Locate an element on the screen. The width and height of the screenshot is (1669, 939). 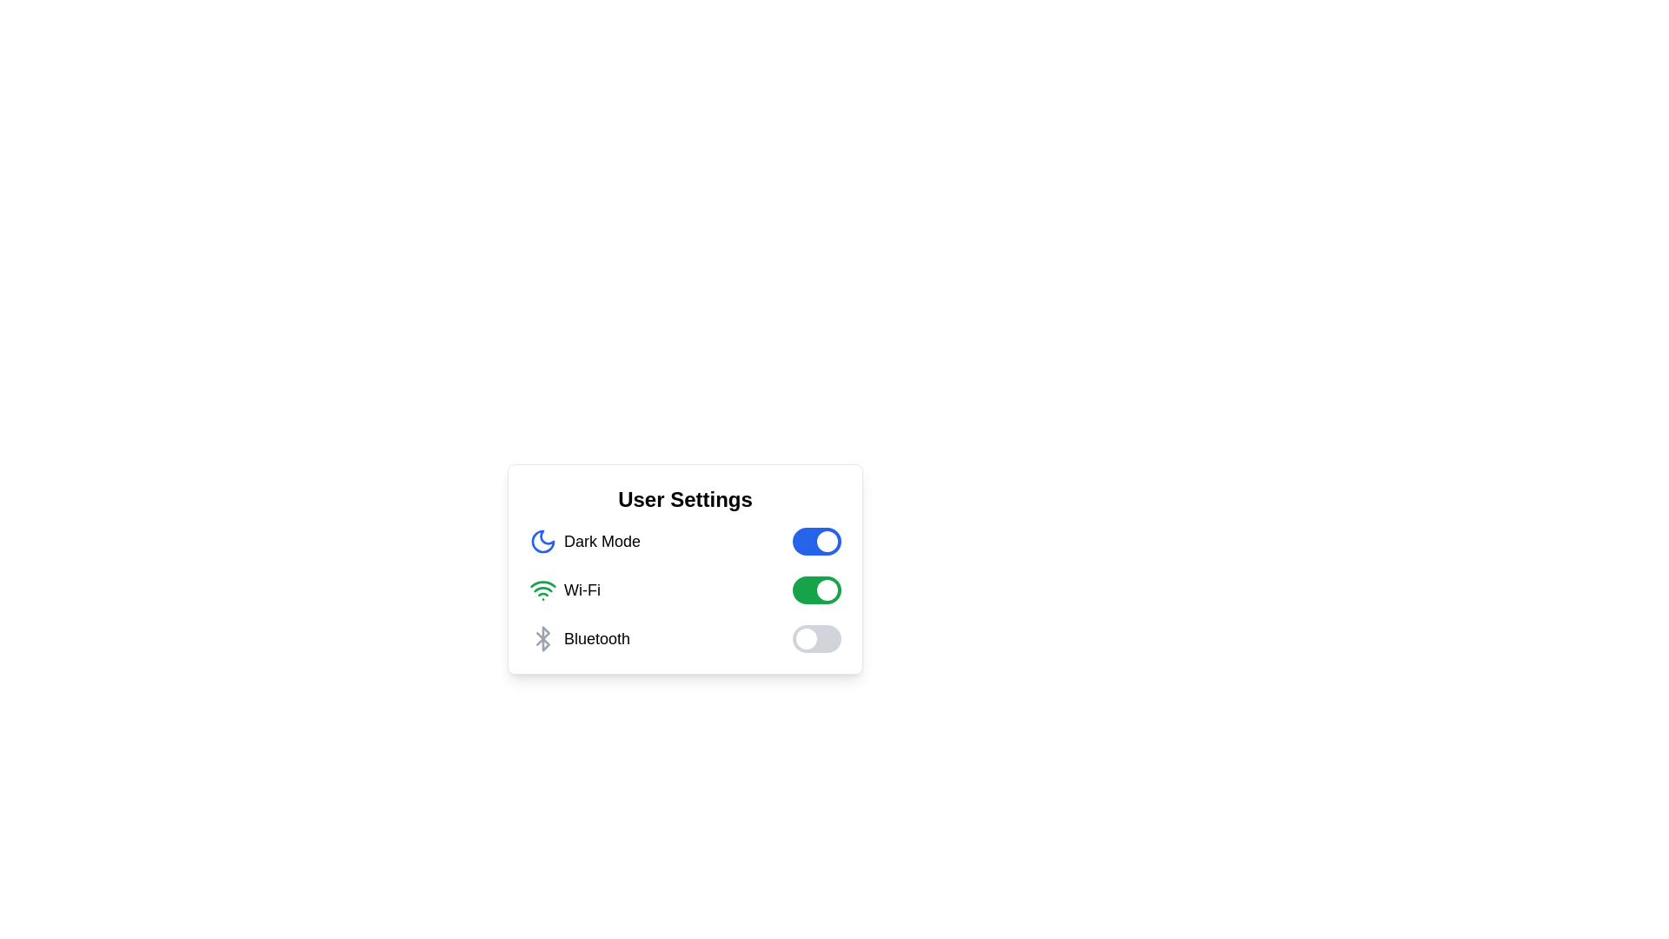
the movable toggle switch knob located in the third toggle switch of the 'User Settings' panel is located at coordinates (805, 639).